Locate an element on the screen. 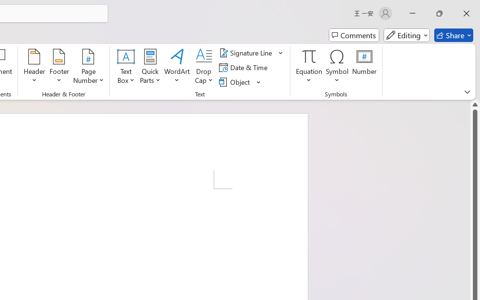 The width and height of the screenshot is (480, 300). 'Header' is located at coordinates (34, 67).